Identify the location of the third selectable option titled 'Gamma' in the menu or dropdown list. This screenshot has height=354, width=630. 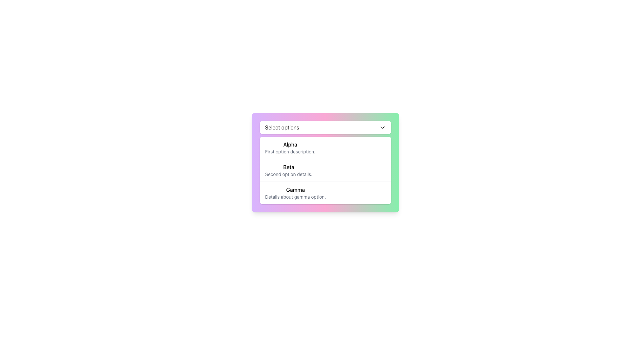
(325, 192).